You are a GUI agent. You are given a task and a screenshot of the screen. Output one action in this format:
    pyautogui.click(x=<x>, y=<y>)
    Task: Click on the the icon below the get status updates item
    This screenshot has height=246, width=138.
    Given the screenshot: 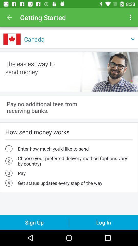 What is the action you would take?
    pyautogui.click(x=103, y=222)
    